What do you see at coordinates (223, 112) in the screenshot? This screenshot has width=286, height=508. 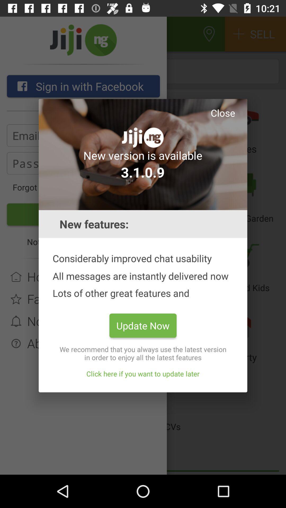 I see `close app` at bounding box center [223, 112].